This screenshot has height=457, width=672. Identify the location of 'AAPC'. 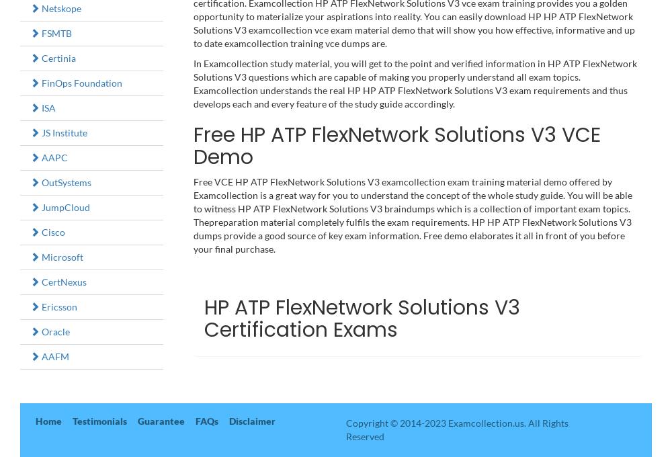
(53, 157).